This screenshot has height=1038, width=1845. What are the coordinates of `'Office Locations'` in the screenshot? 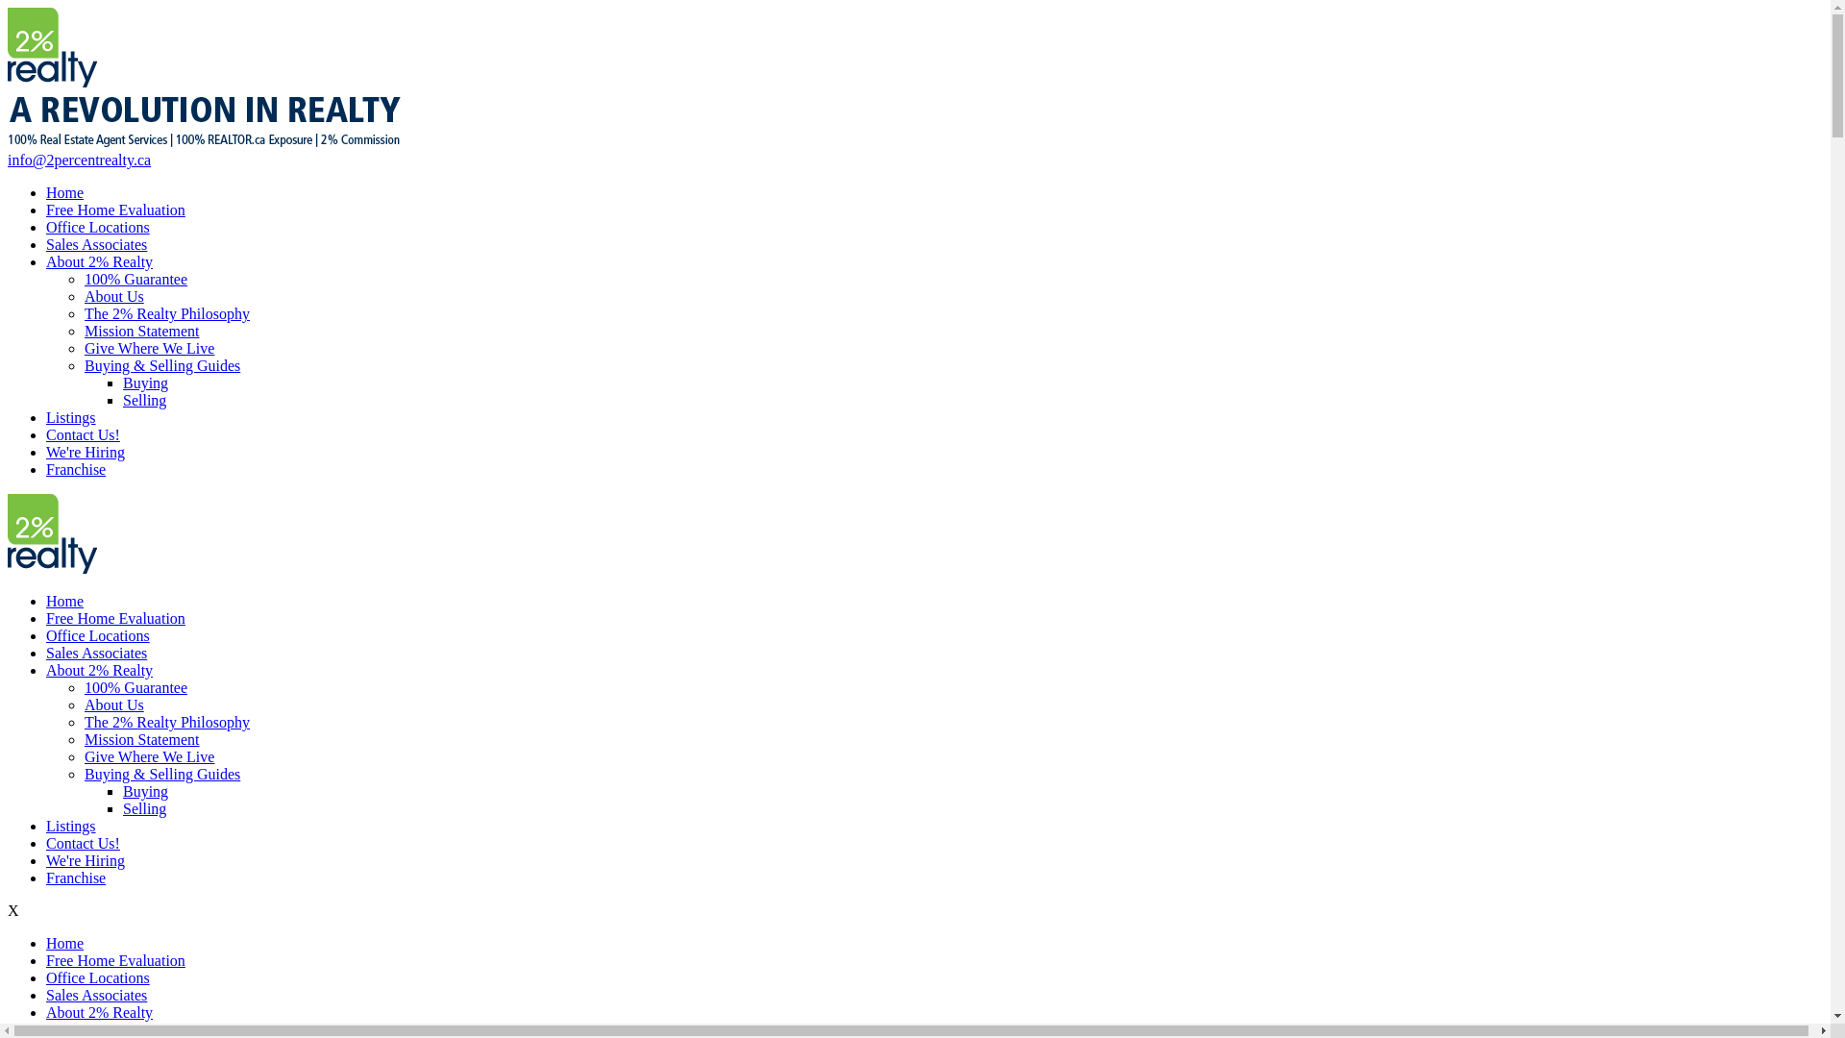 It's located at (96, 635).